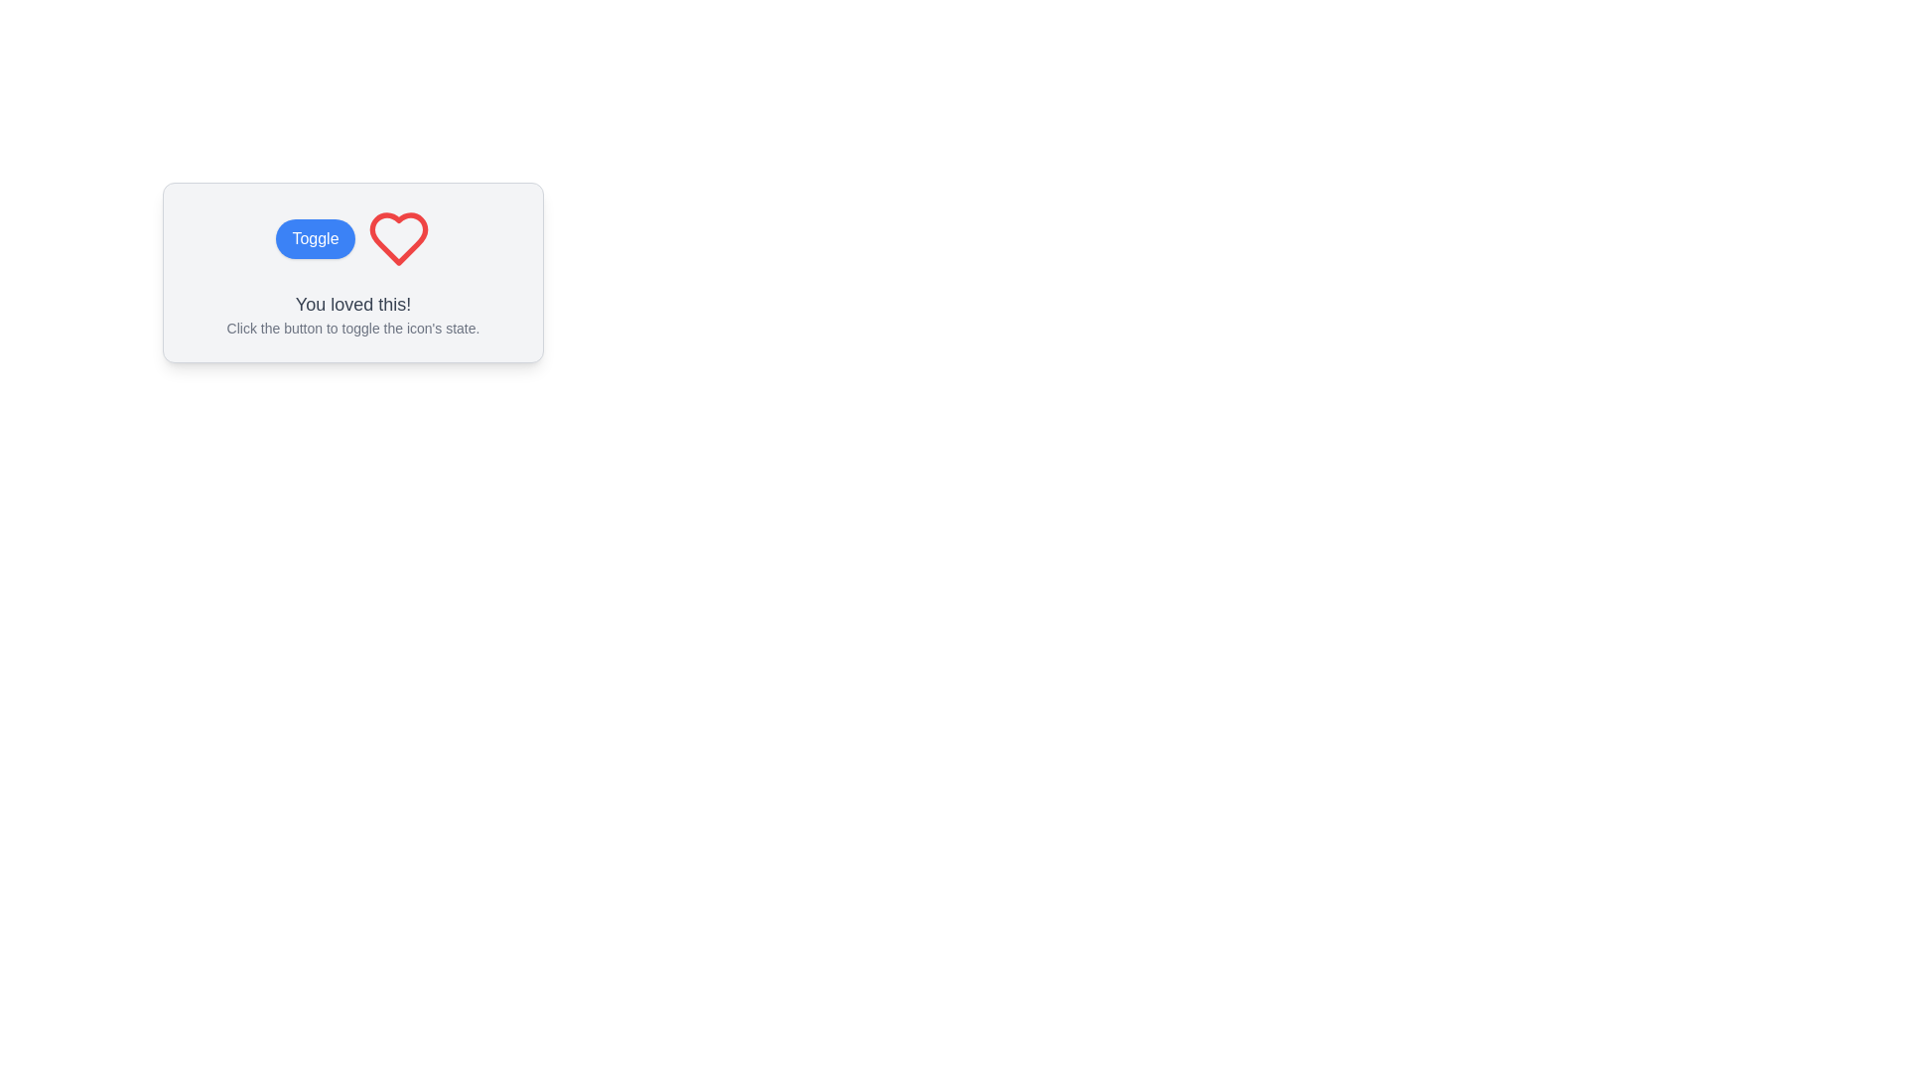 This screenshot has width=1906, height=1072. I want to click on the static text block that displays 'You loved this!' and 'Click the button to toggle the icon's state.', so click(352, 313).